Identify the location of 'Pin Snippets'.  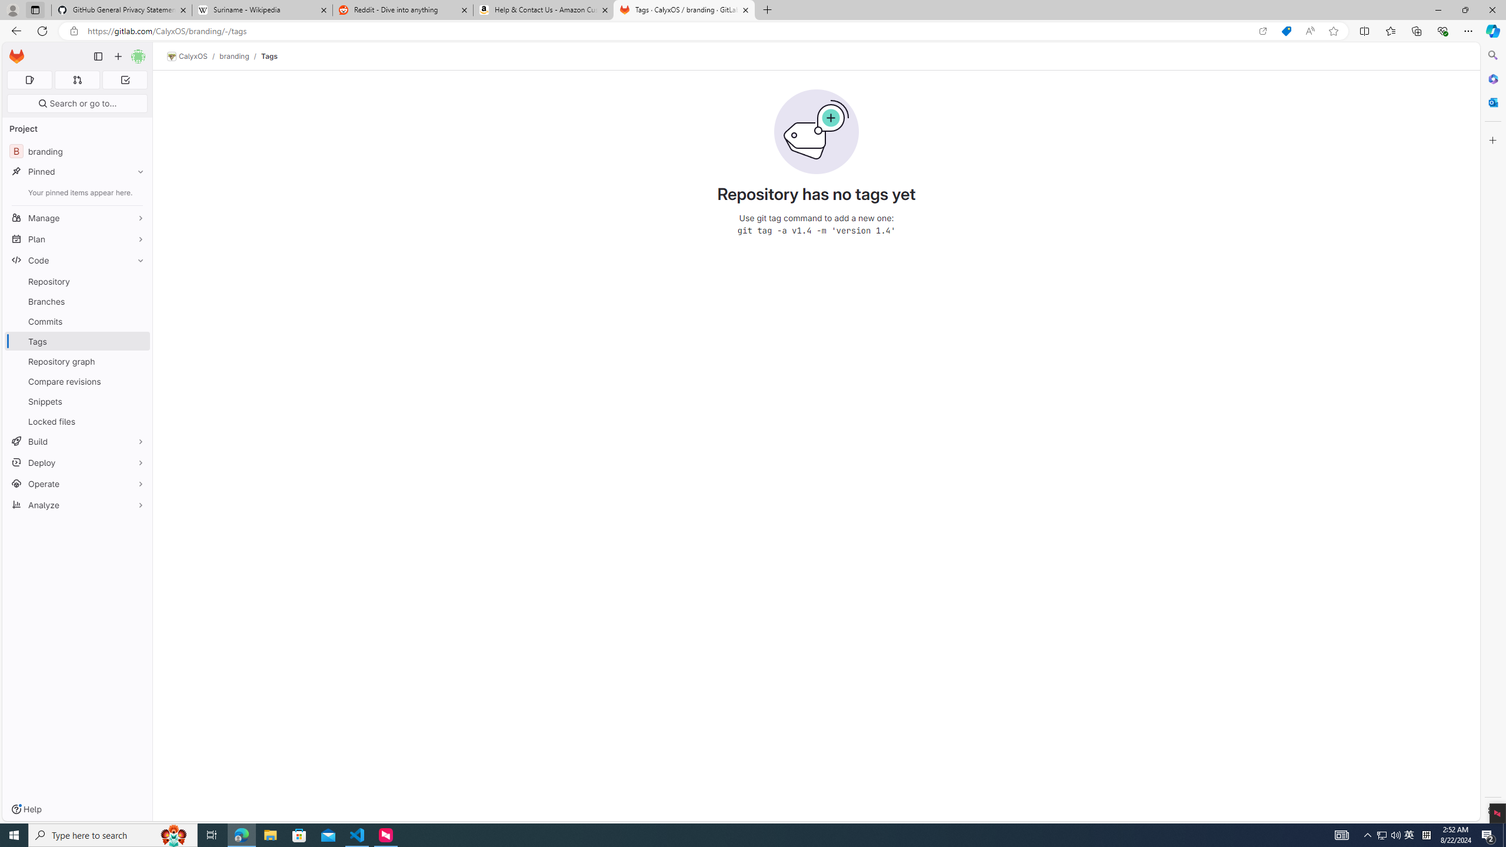
(137, 401).